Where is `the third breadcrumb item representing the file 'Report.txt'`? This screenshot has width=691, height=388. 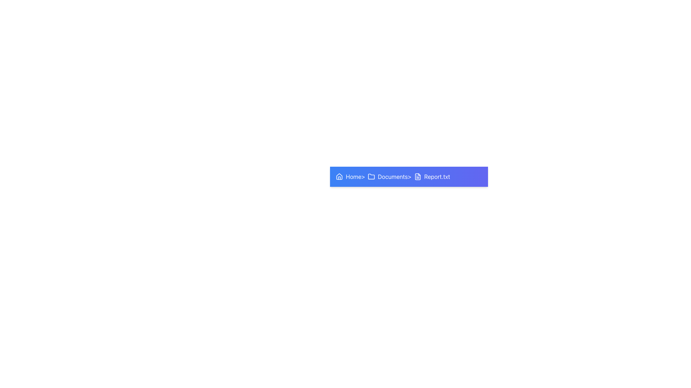 the third breadcrumb item representing the file 'Report.txt' is located at coordinates (432, 177).